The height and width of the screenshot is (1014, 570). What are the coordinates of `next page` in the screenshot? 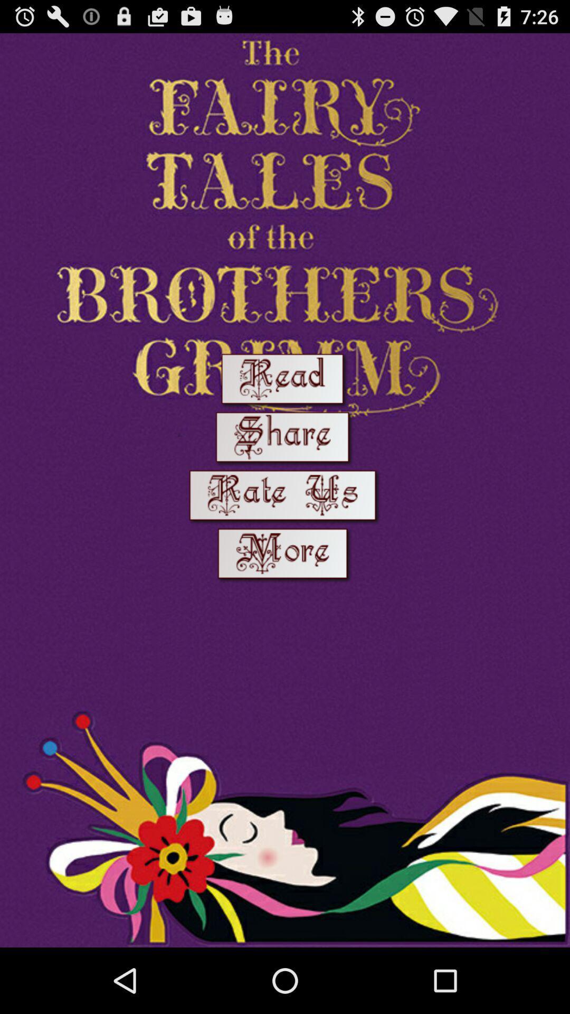 It's located at (285, 555).